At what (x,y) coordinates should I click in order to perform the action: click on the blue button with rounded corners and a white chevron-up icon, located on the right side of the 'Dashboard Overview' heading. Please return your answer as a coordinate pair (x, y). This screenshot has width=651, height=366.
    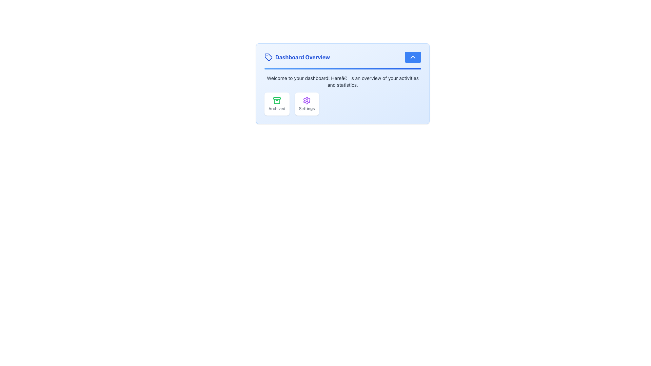
    Looking at the image, I should click on (413, 57).